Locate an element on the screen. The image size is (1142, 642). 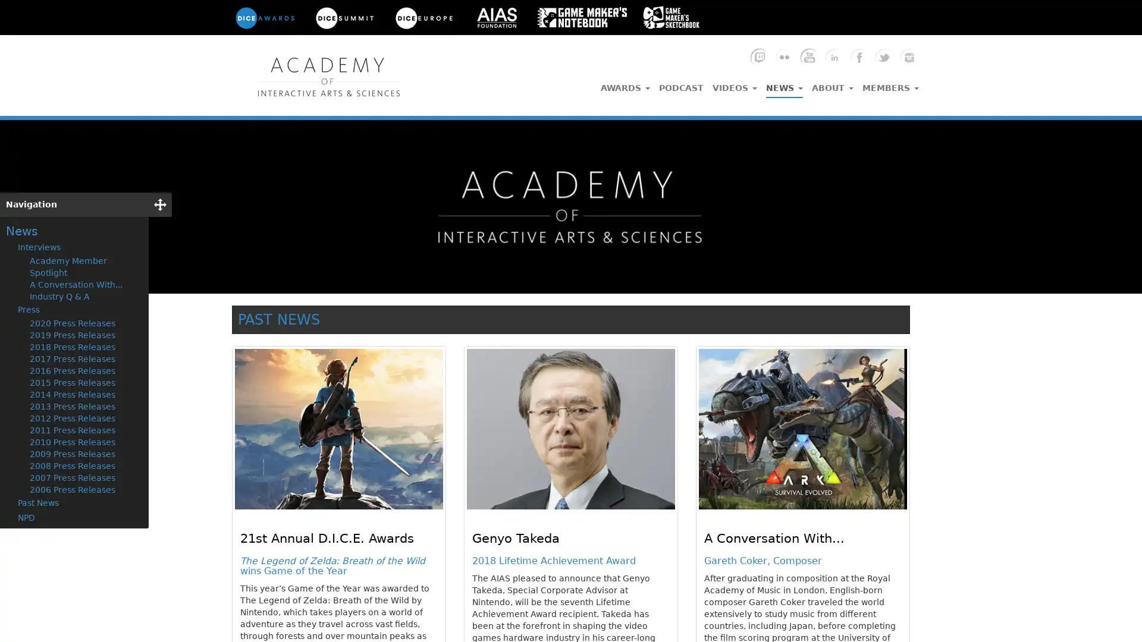
NEWS is located at coordinates (785, 84).